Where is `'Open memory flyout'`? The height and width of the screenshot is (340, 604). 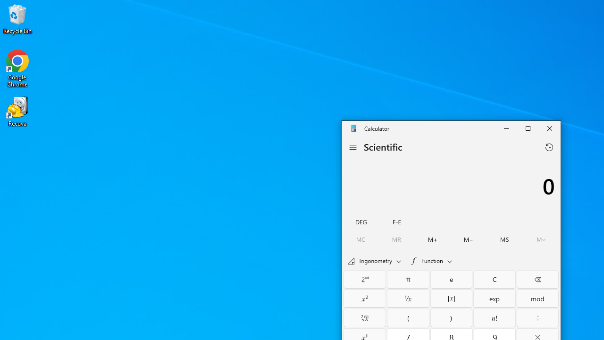
'Open memory flyout' is located at coordinates (541, 239).